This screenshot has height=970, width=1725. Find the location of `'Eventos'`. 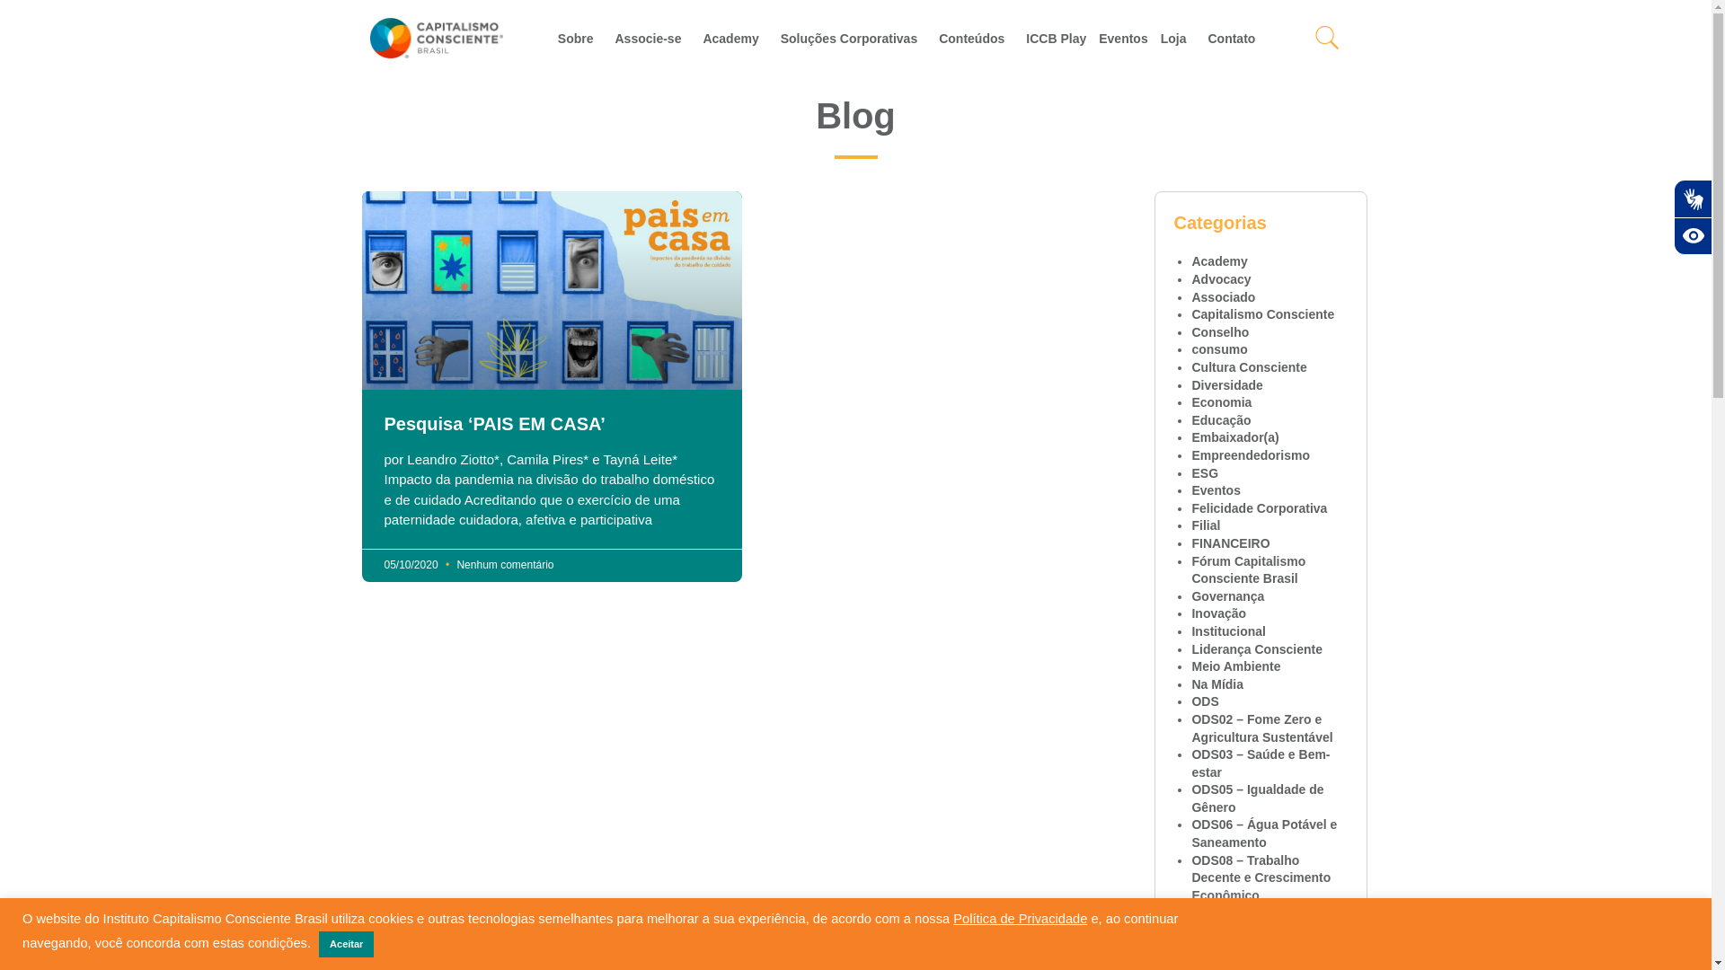

'Eventos' is located at coordinates (1190, 490).